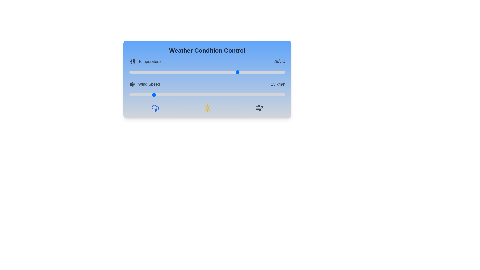 Image resolution: width=480 pixels, height=270 pixels. Describe the element at coordinates (191, 72) in the screenshot. I see `the temperature slider to 10°C` at that location.